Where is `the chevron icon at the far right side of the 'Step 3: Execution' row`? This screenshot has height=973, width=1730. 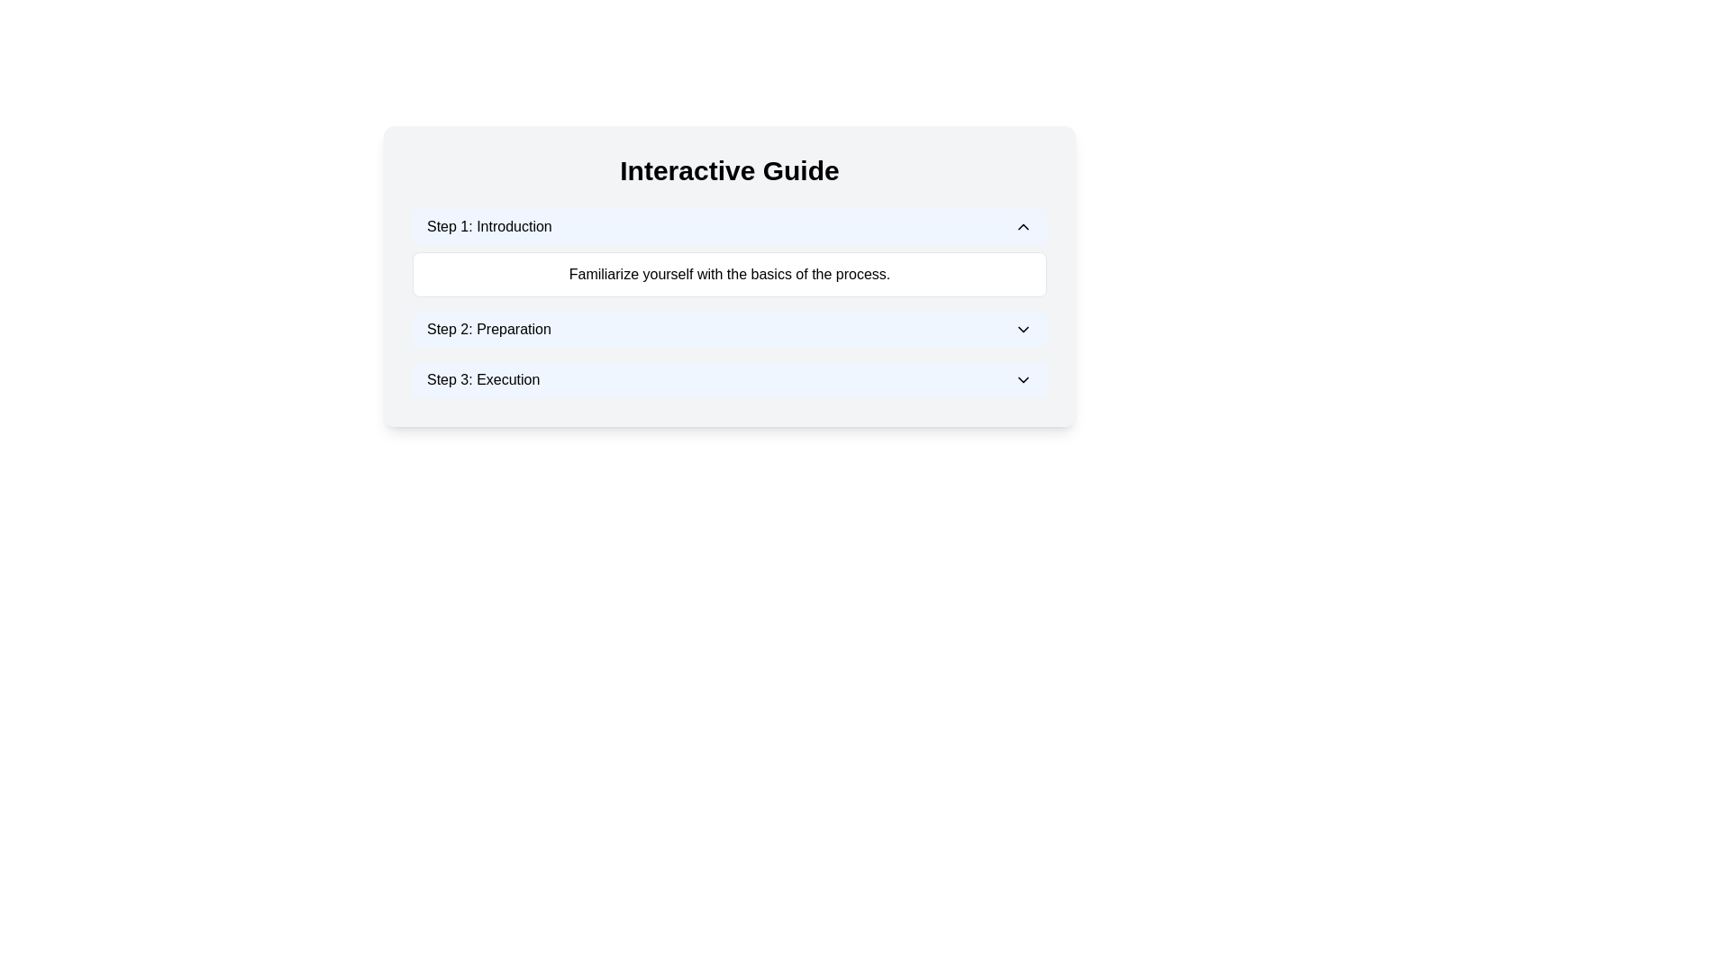
the chevron icon at the far right side of the 'Step 3: Execution' row is located at coordinates (1024, 378).